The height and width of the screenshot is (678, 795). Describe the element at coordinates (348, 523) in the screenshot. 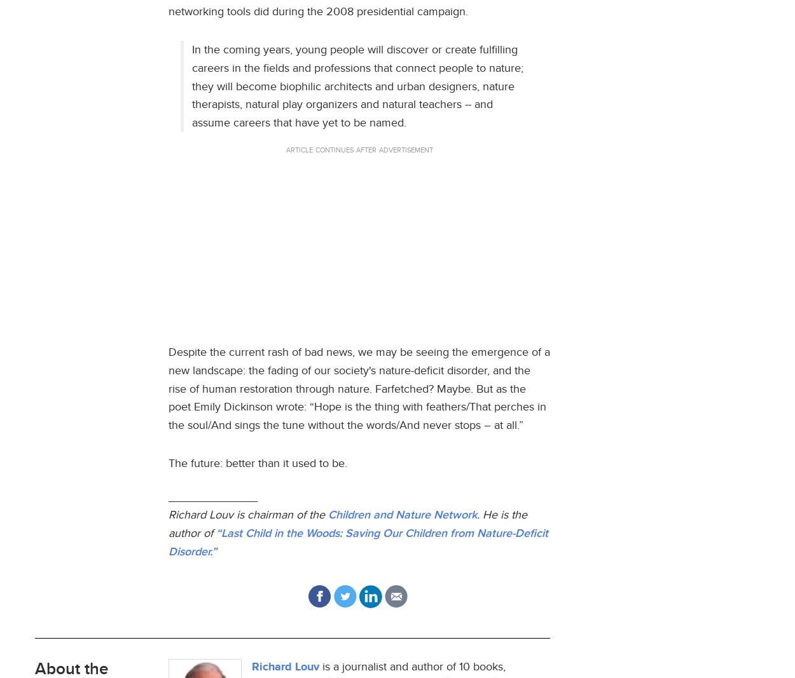

I see `'. He is the author of'` at that location.